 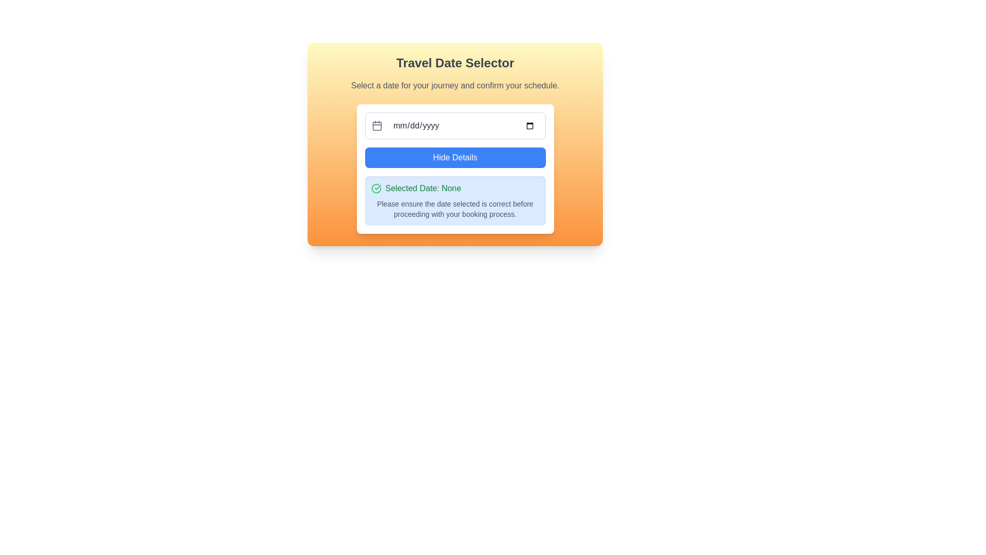 What do you see at coordinates (454, 144) in the screenshot?
I see `the 'Hide Details' button in the 'Travel Date Selector' component, which is a blue button located within a composite UI with a gradient orange background` at bounding box center [454, 144].